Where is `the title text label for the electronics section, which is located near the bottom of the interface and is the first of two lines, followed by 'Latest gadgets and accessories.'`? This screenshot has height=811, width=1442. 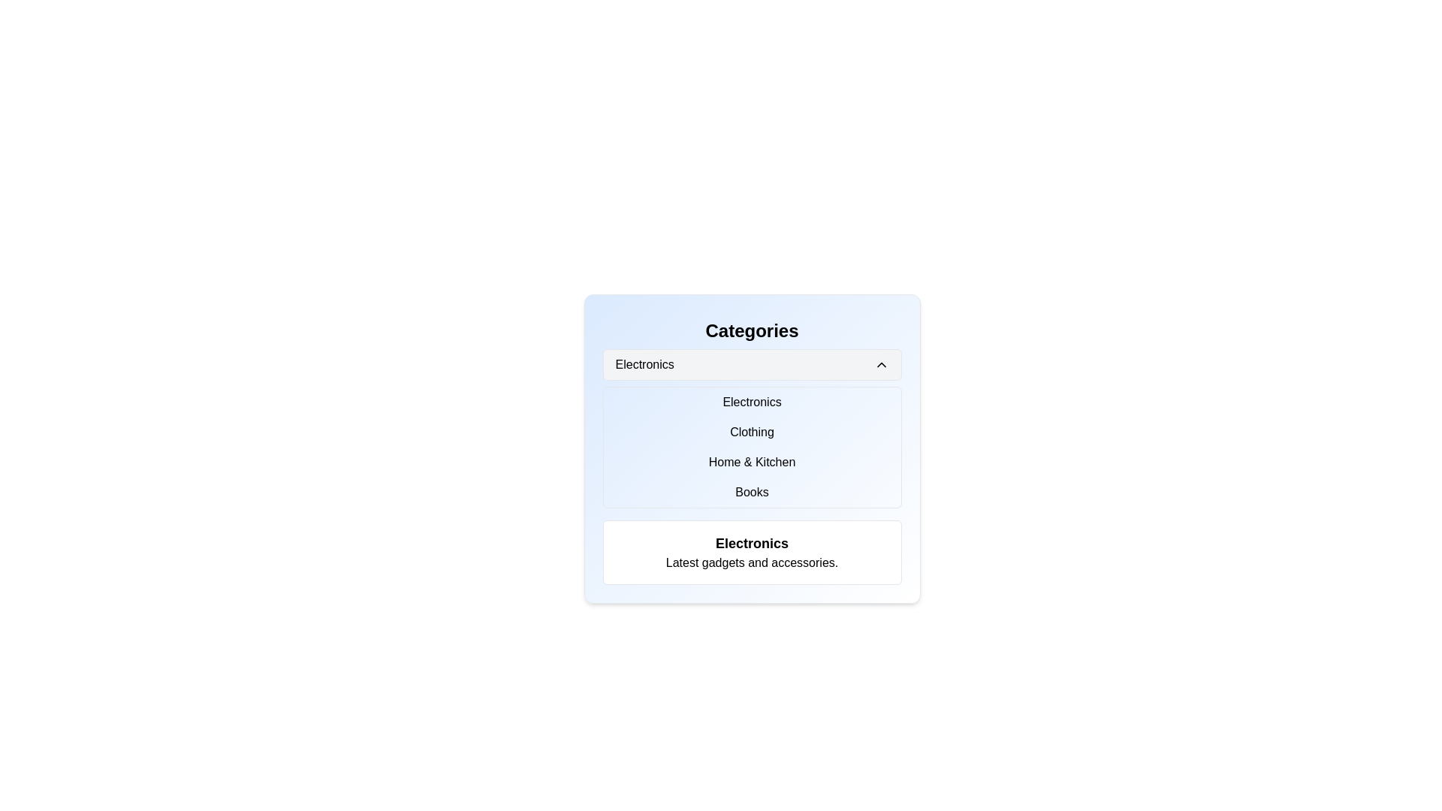 the title text label for the electronics section, which is located near the bottom of the interface and is the first of two lines, followed by 'Latest gadgets and accessories.' is located at coordinates (752, 544).